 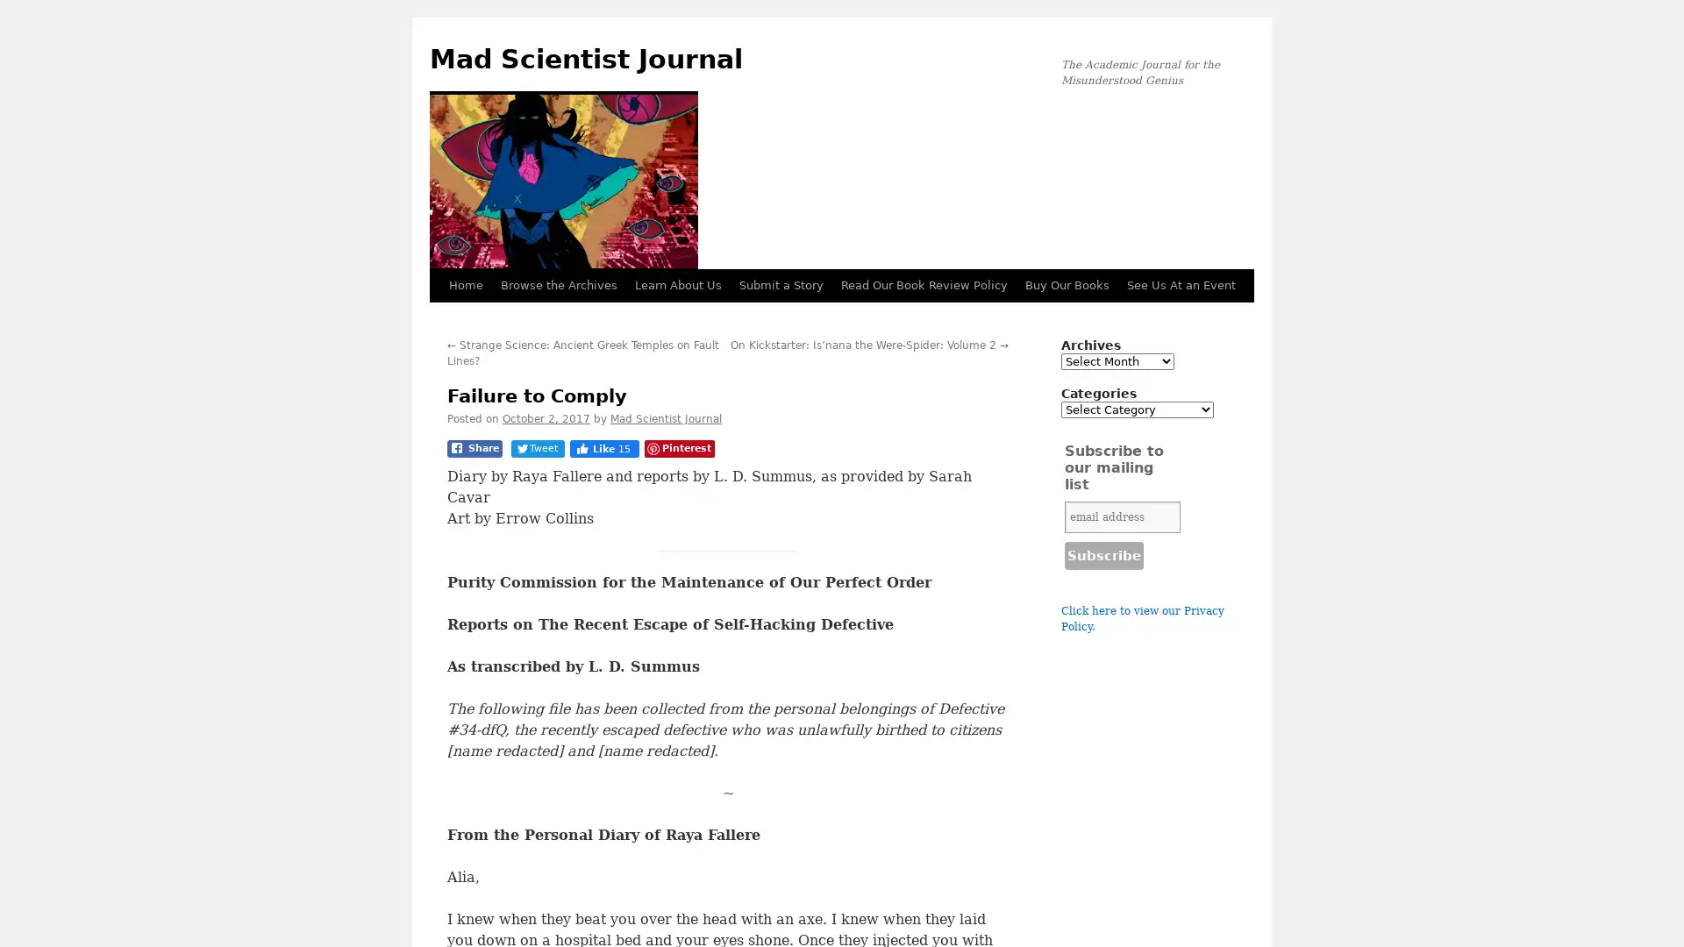 What do you see at coordinates (1102, 555) in the screenshot?
I see `Subscribe` at bounding box center [1102, 555].